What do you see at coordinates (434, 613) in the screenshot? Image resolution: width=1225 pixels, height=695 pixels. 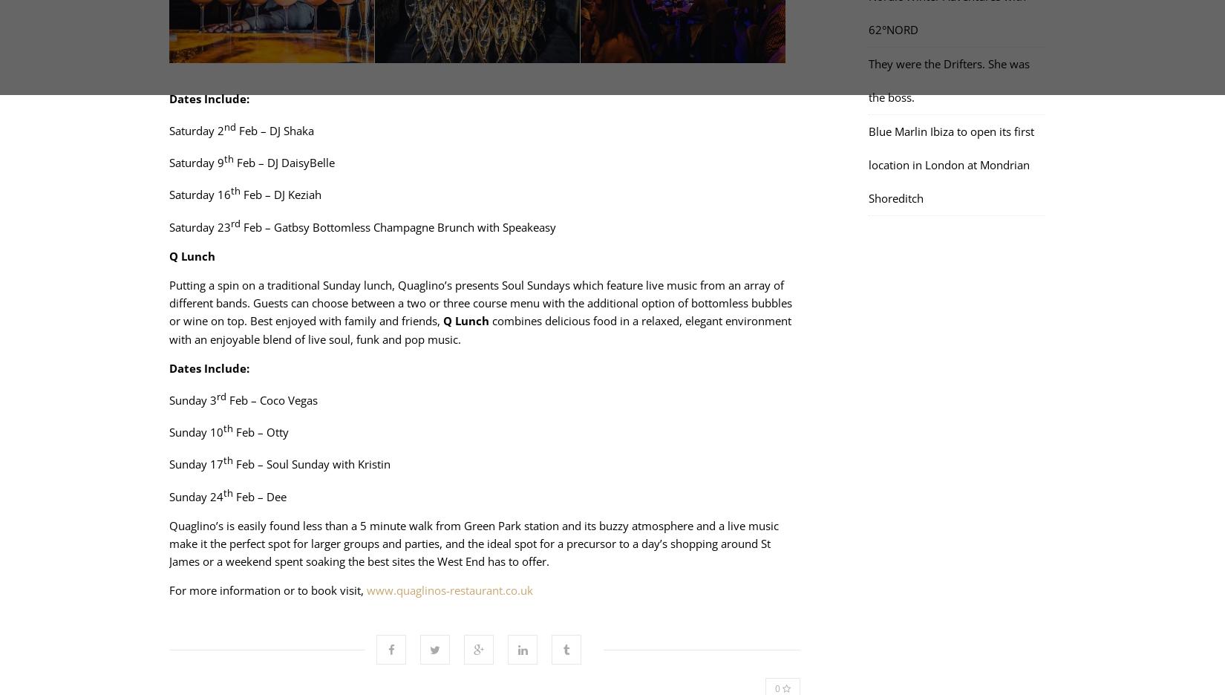 I see `'Twitter'` at bounding box center [434, 613].